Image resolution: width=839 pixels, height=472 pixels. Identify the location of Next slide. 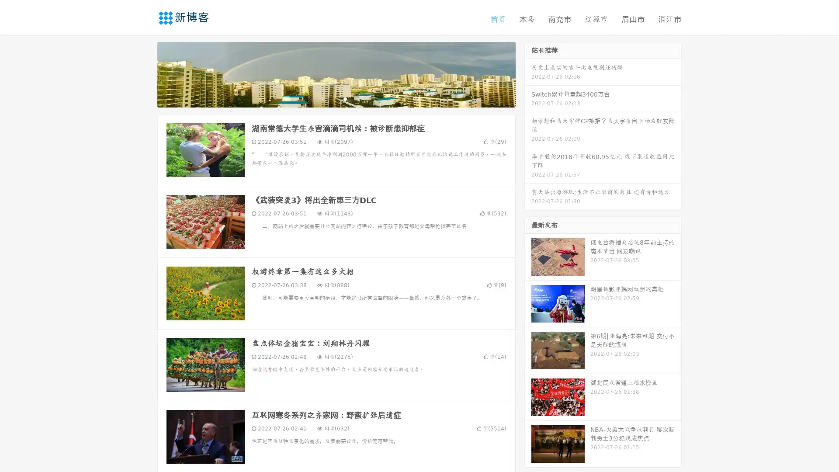
(528, 73).